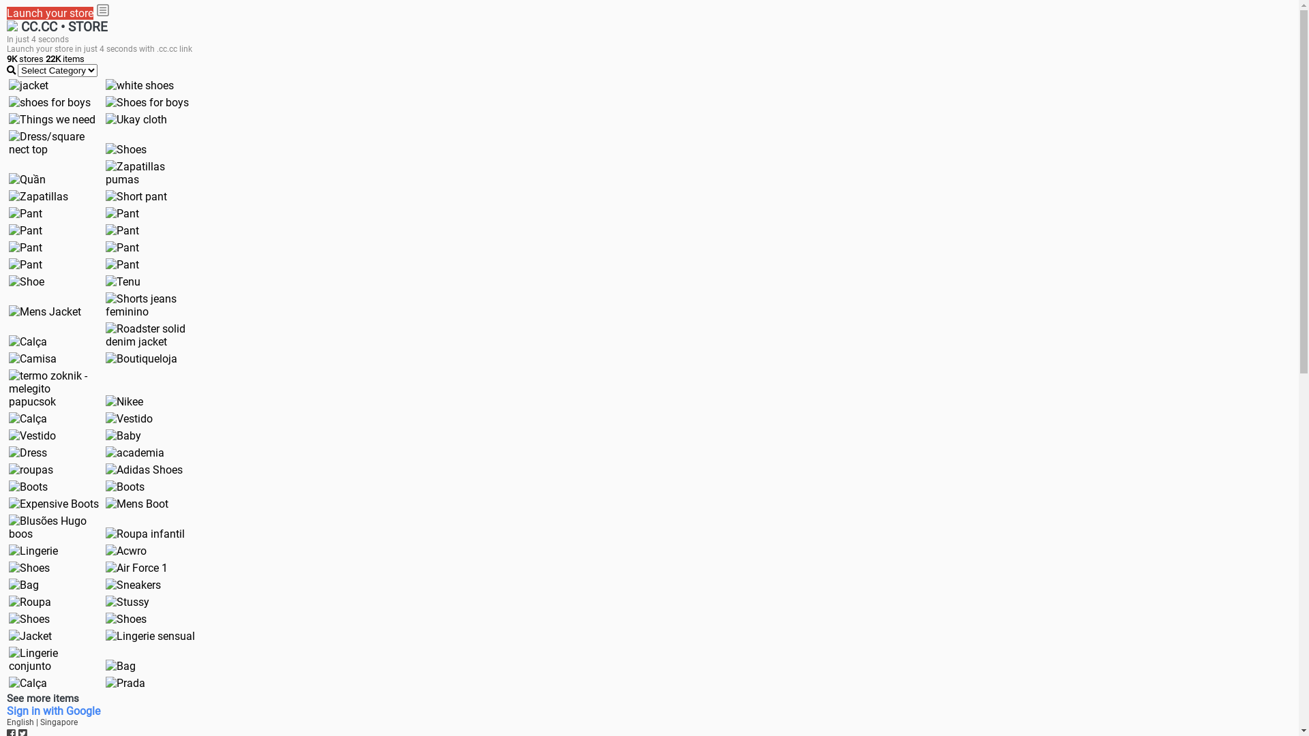 This screenshot has height=736, width=1309. What do you see at coordinates (29, 619) in the screenshot?
I see `'Shoes'` at bounding box center [29, 619].